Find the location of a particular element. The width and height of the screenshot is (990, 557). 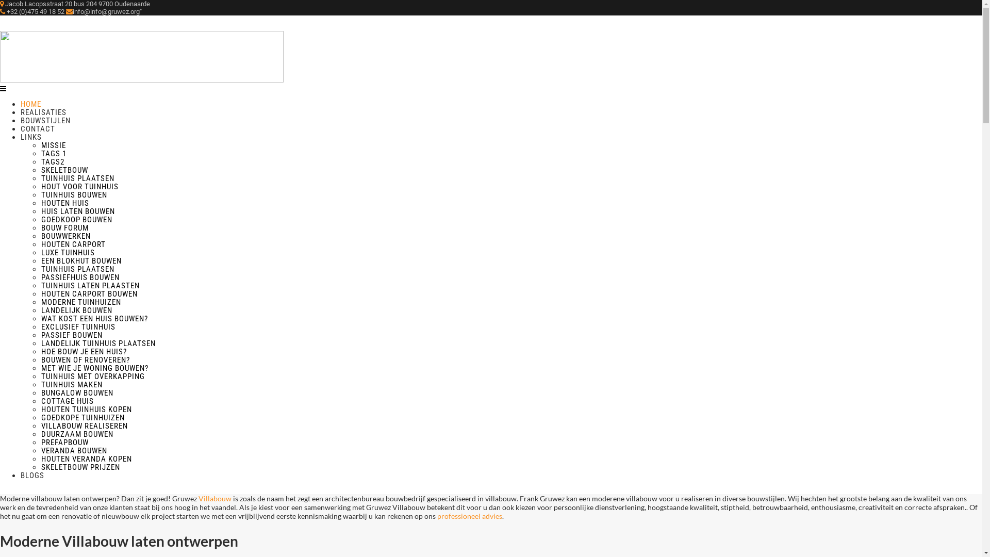

'HOUTEN HUIS' is located at coordinates (64, 203).